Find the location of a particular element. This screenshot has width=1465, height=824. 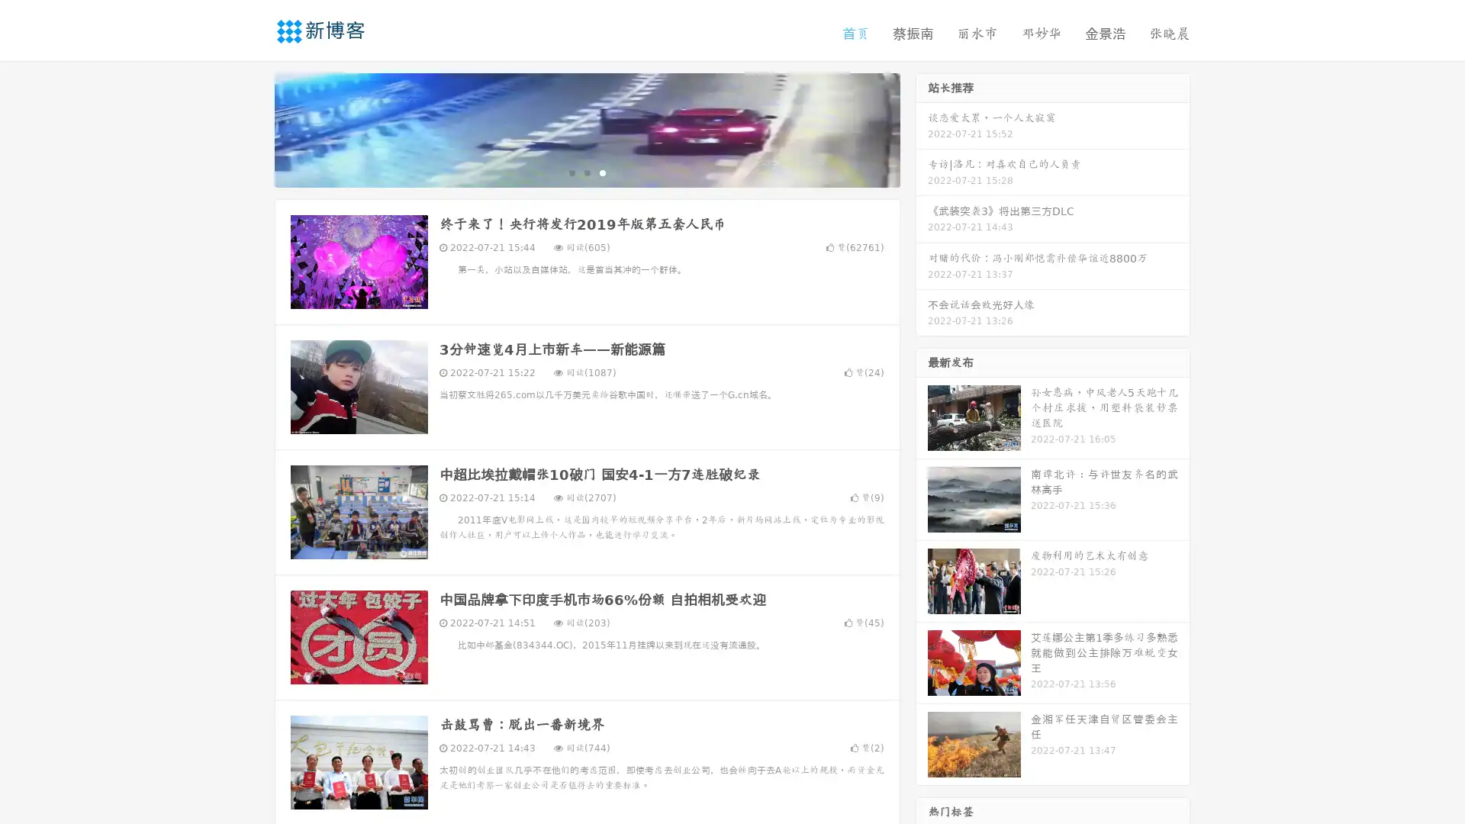

Go to slide 1 is located at coordinates (571, 172).